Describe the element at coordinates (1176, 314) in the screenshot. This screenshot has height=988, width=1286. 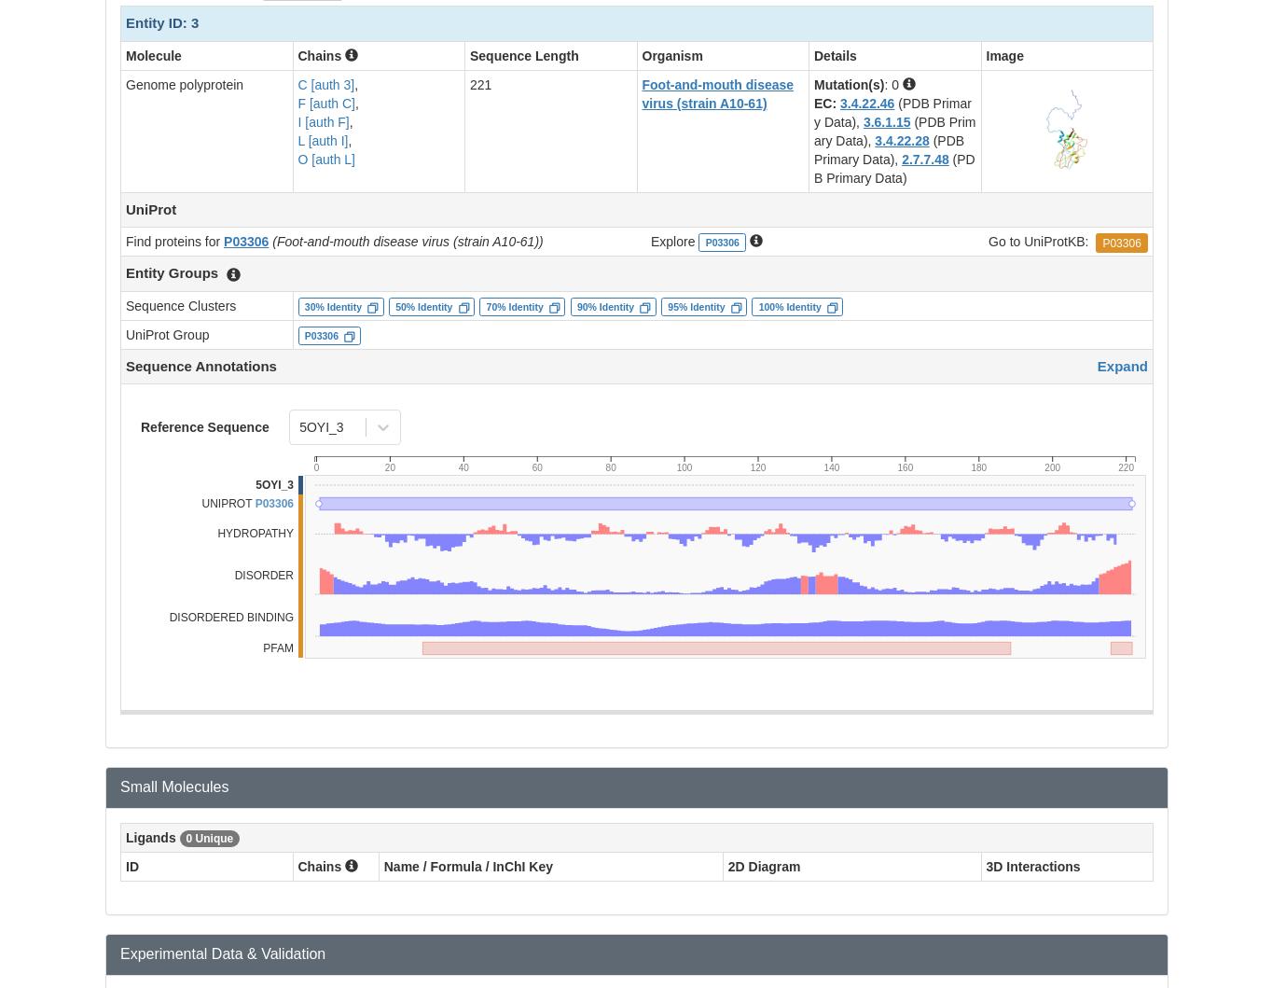
I see `'LOADING'` at that location.